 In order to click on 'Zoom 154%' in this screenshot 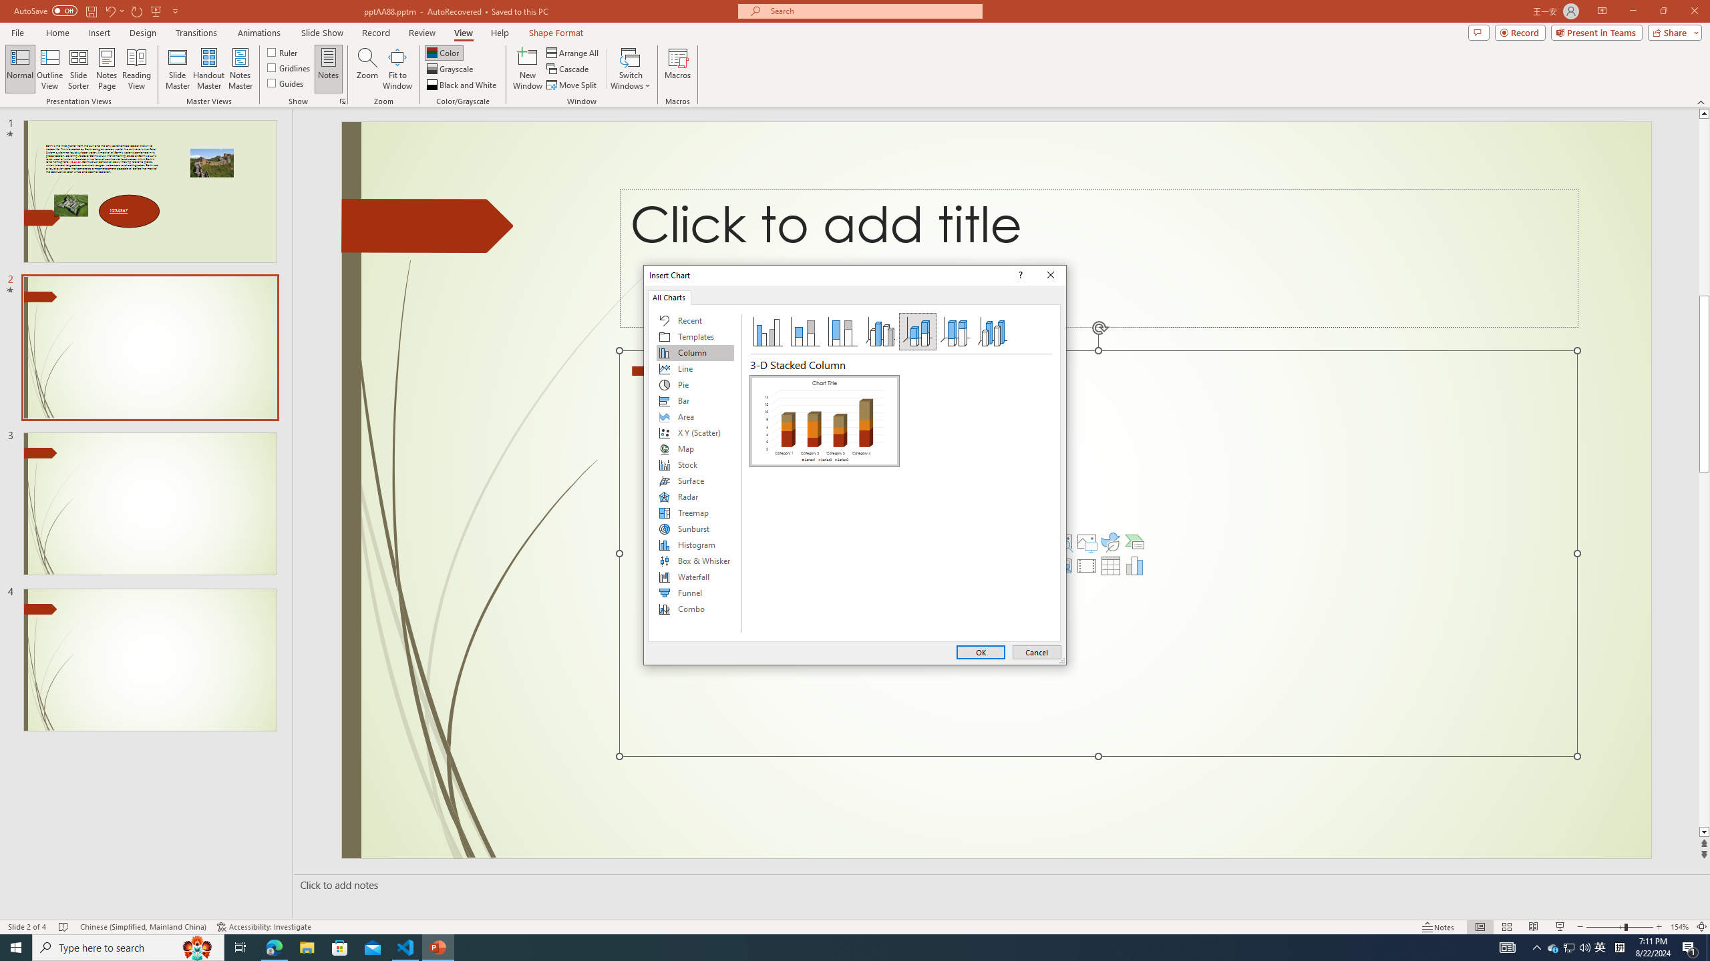, I will do `click(1680, 927)`.